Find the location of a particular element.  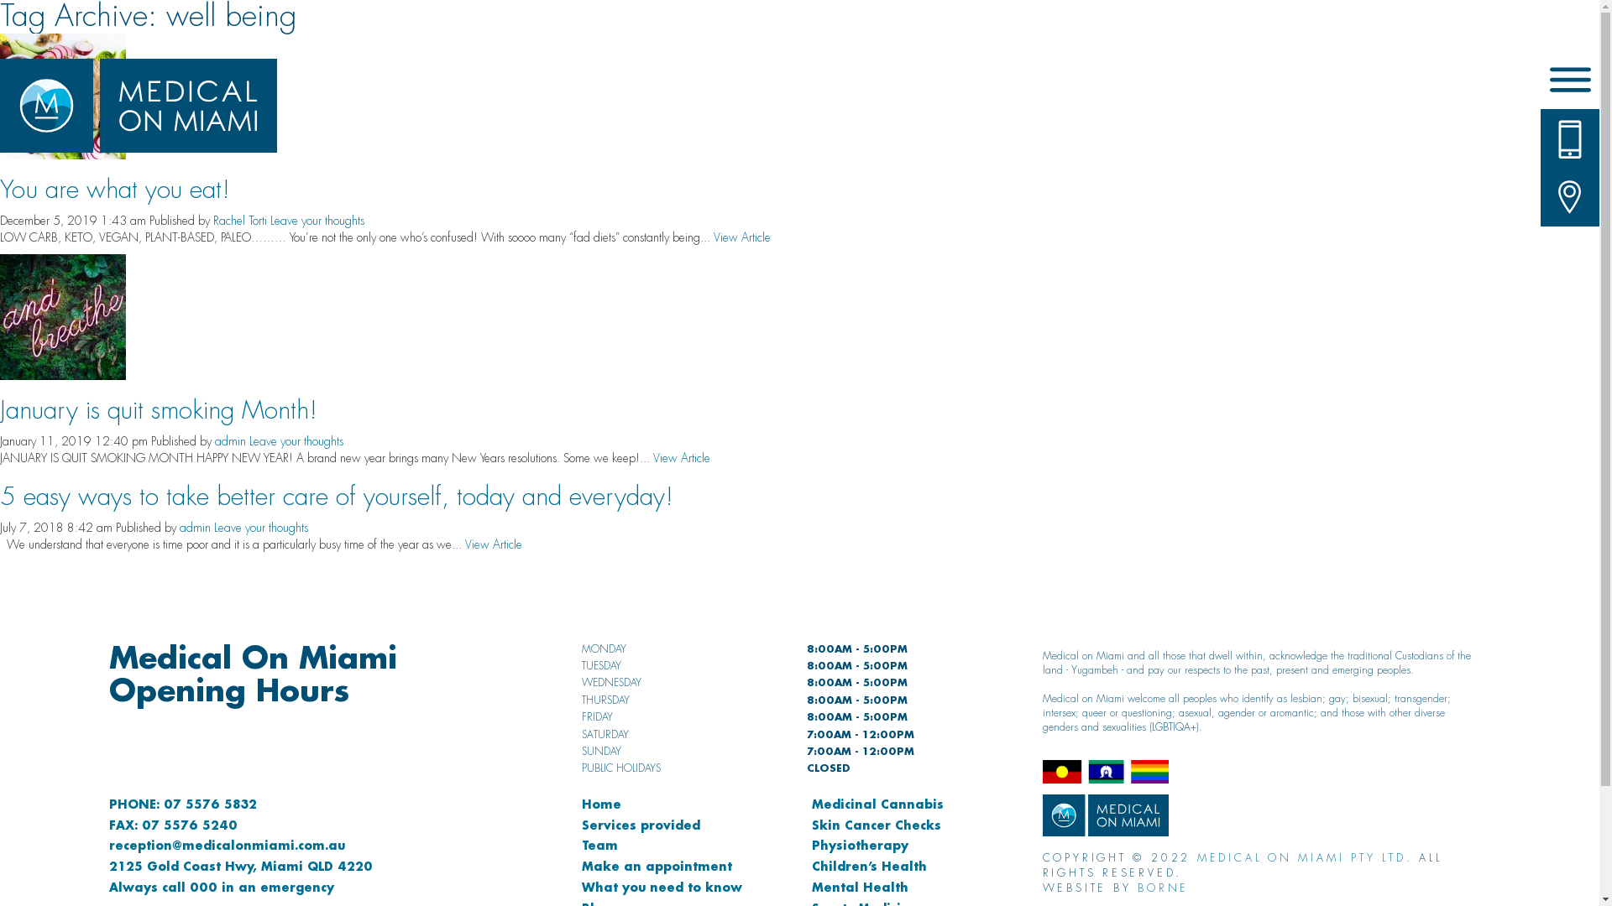

'View Article' is located at coordinates (741, 237).